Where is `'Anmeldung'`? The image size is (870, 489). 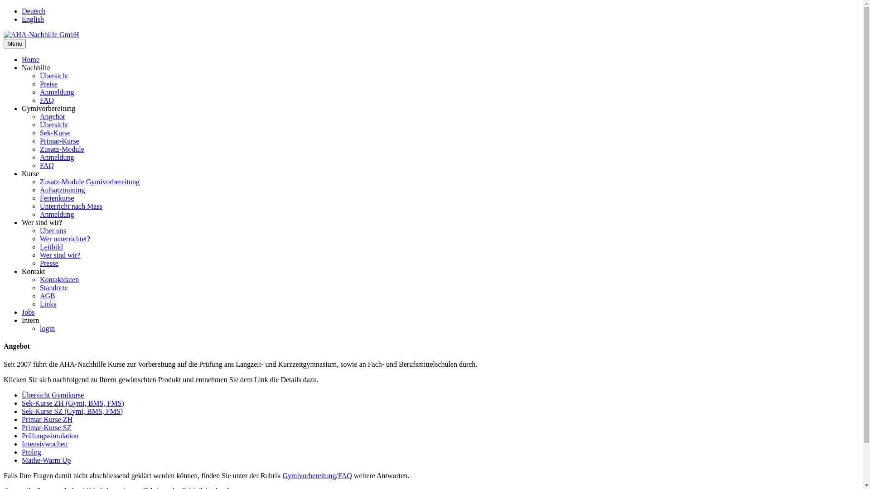
'Anmeldung' is located at coordinates (56, 214).